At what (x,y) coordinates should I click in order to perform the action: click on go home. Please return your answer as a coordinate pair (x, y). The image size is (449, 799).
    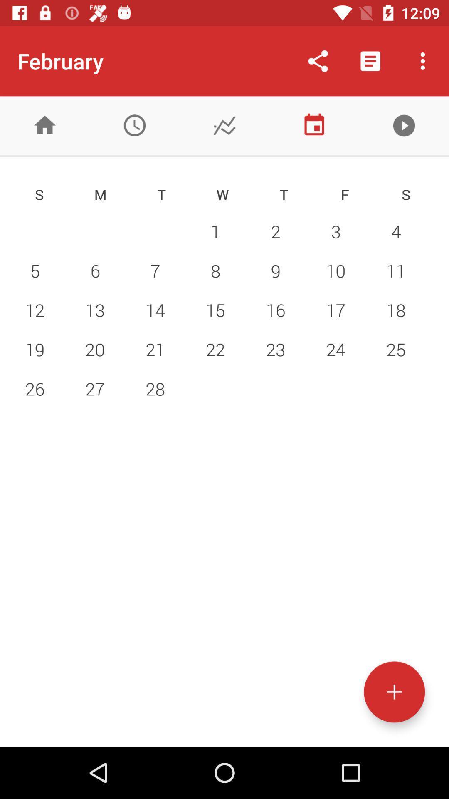
    Looking at the image, I should click on (45, 125).